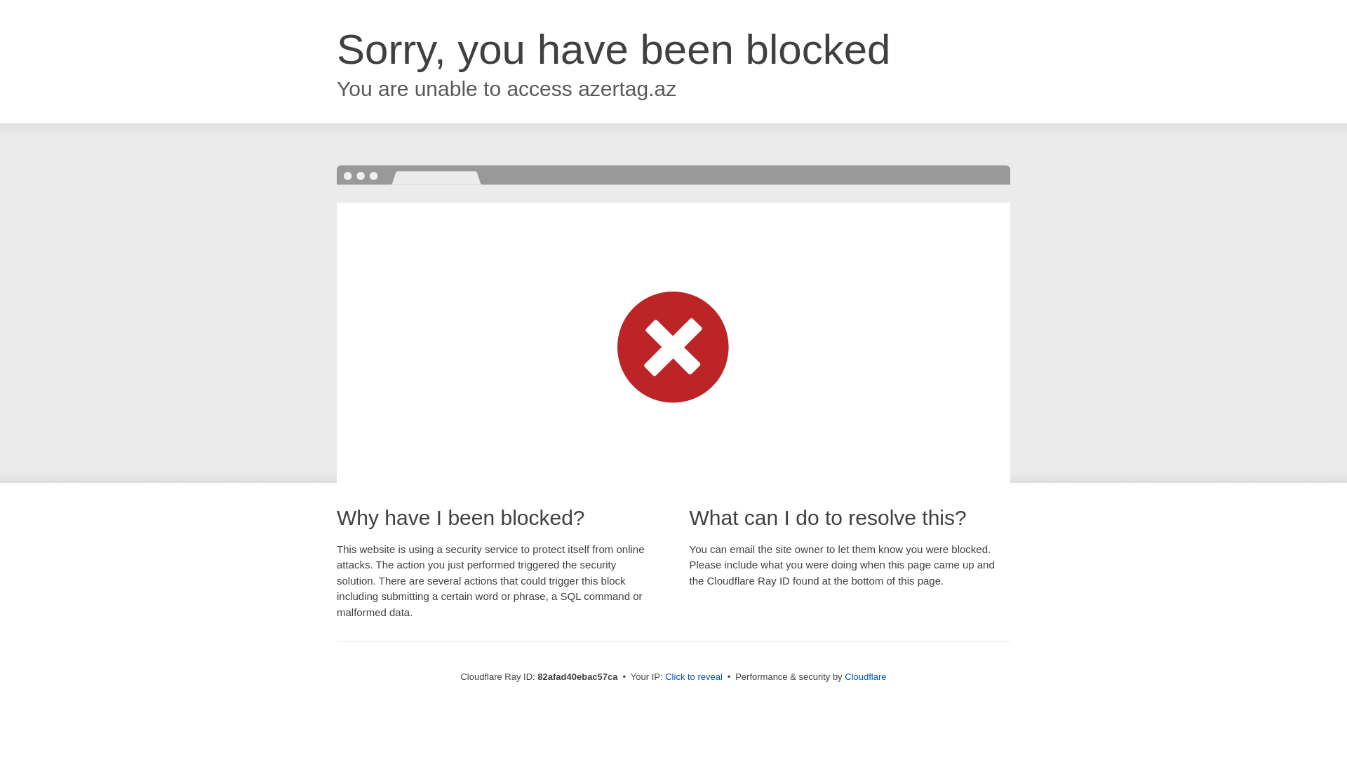  What do you see at coordinates (693, 676) in the screenshot?
I see `'Click to reveal'` at bounding box center [693, 676].